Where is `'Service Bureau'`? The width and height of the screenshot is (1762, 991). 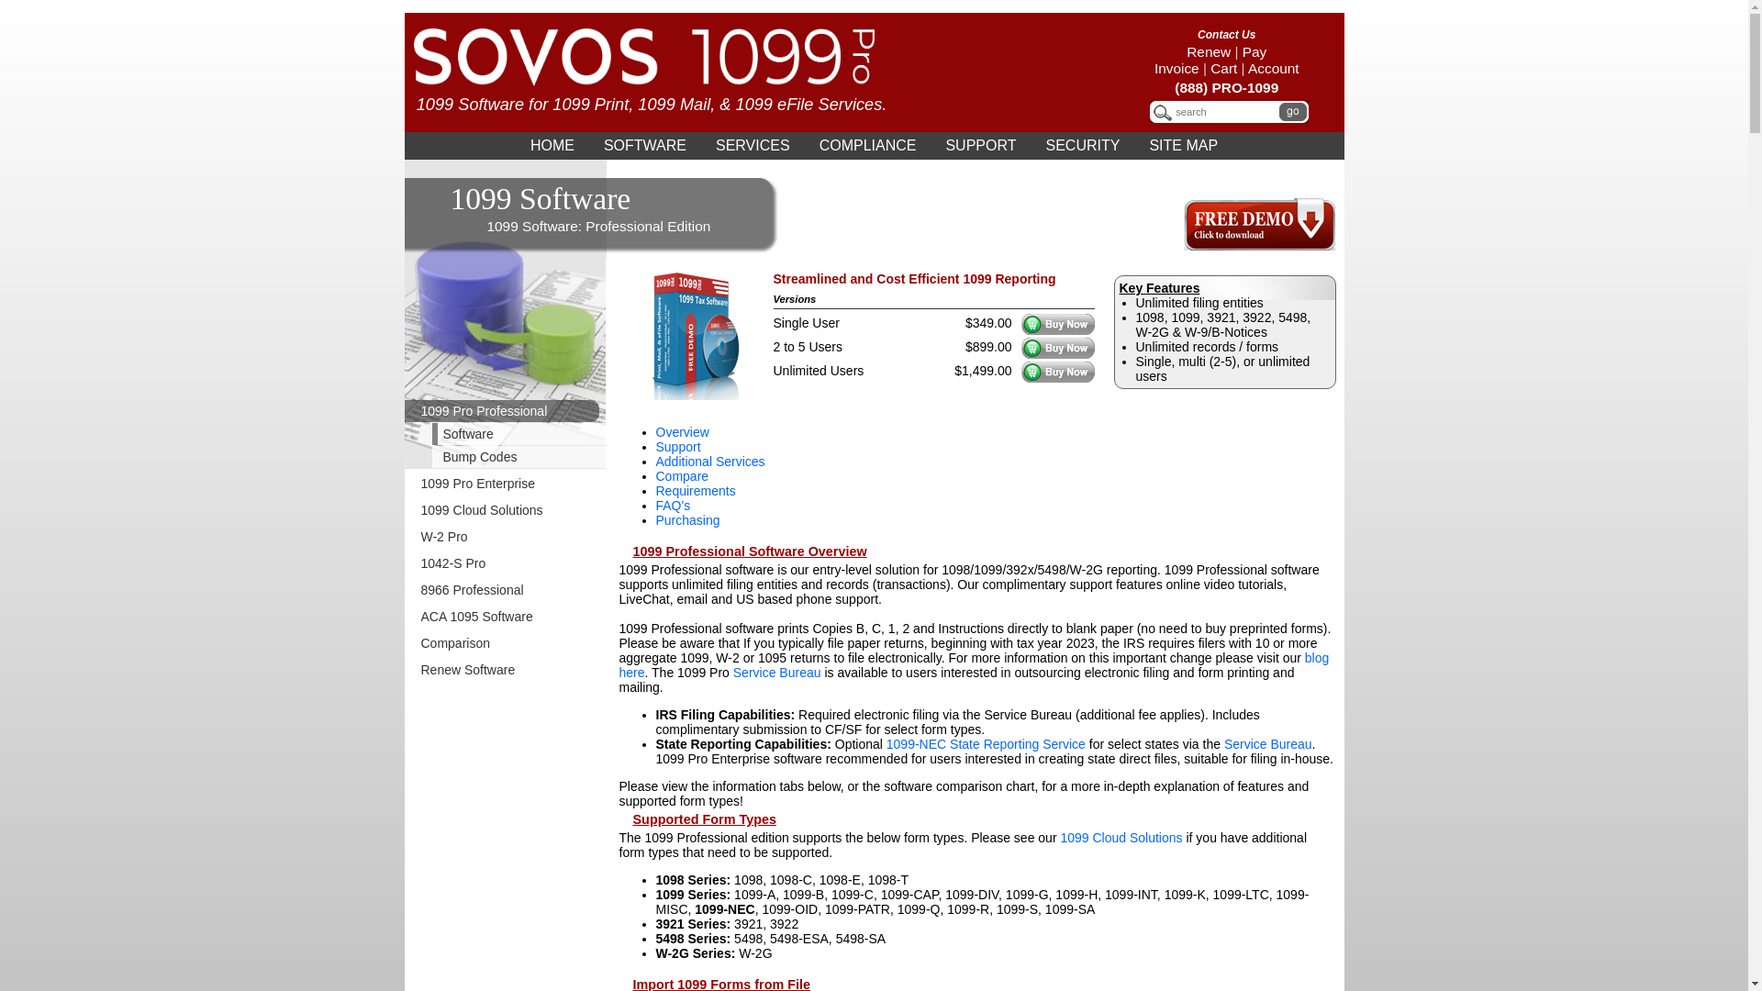
'Service Bureau' is located at coordinates (776, 672).